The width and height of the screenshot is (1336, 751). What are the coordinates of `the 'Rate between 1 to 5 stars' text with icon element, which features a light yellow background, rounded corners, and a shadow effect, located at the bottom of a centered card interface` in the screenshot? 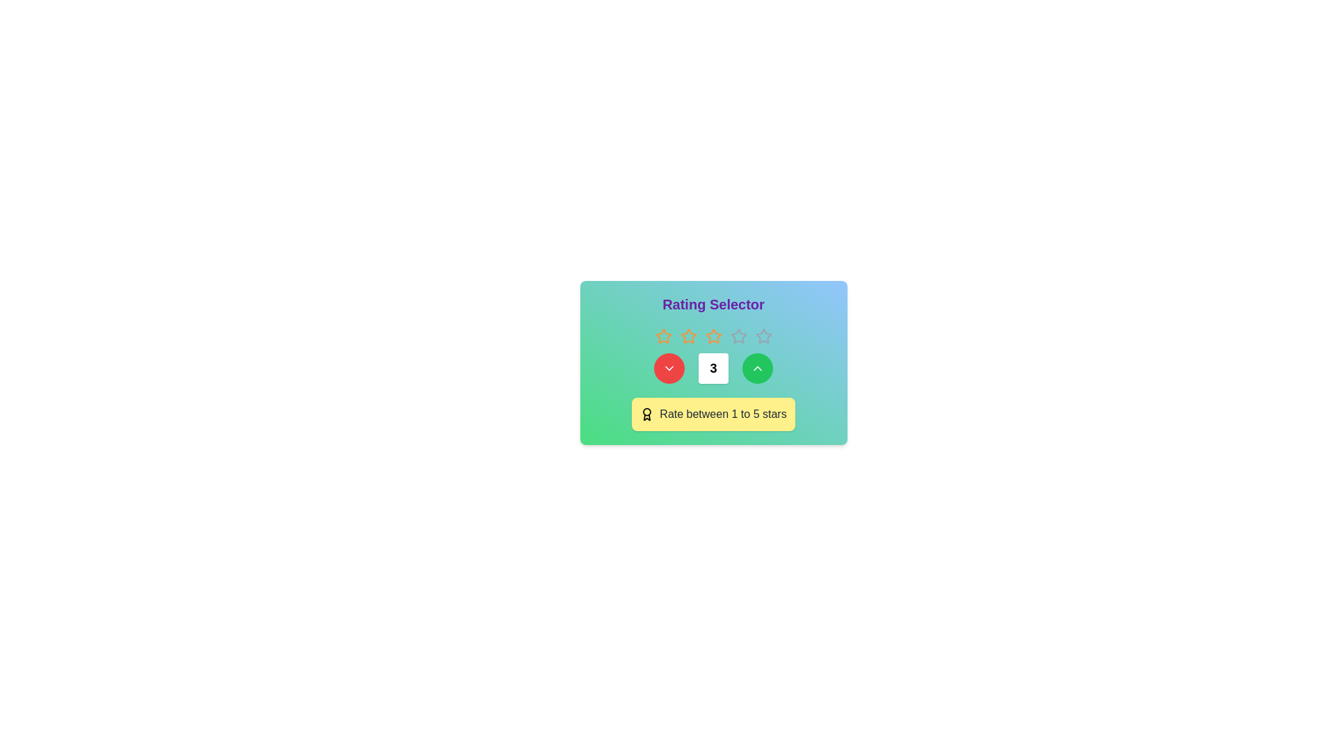 It's located at (713, 414).